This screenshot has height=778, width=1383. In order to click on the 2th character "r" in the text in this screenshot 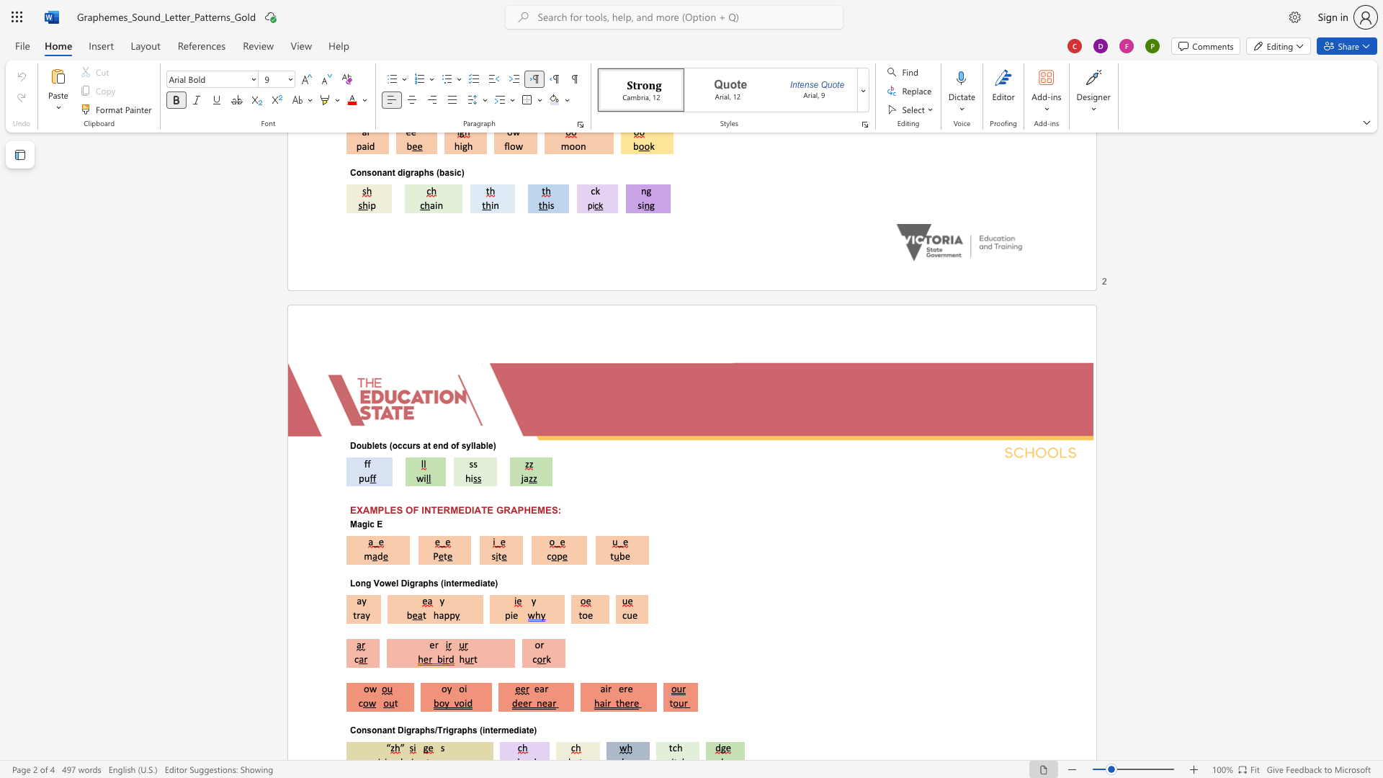, I will do `click(625, 688)`.